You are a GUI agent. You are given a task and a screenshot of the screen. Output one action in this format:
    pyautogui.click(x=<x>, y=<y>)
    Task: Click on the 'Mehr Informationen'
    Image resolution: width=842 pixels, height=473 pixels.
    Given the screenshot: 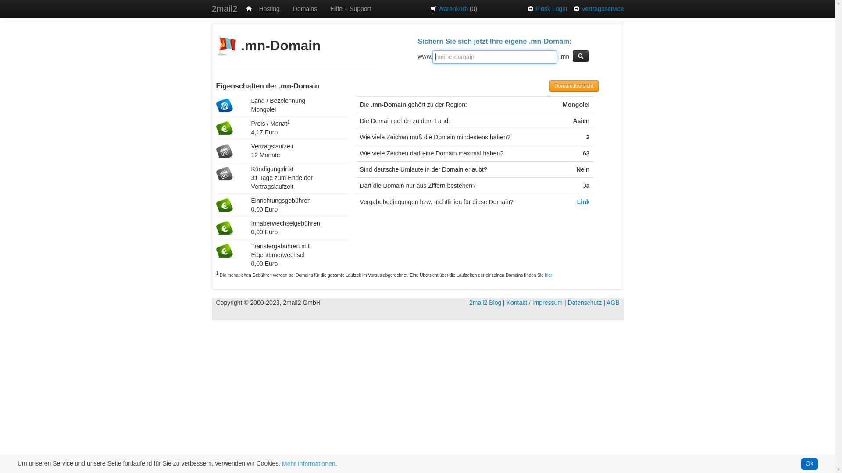 What is the action you would take?
    pyautogui.click(x=308, y=463)
    